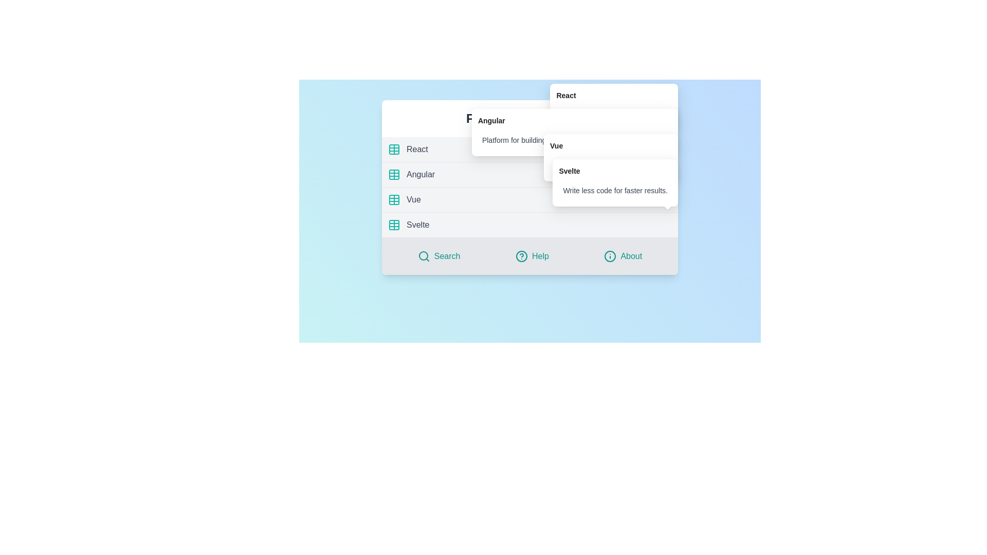 This screenshot has height=555, width=987. What do you see at coordinates (530, 174) in the screenshot?
I see `the second item in the list representing Angular` at bounding box center [530, 174].